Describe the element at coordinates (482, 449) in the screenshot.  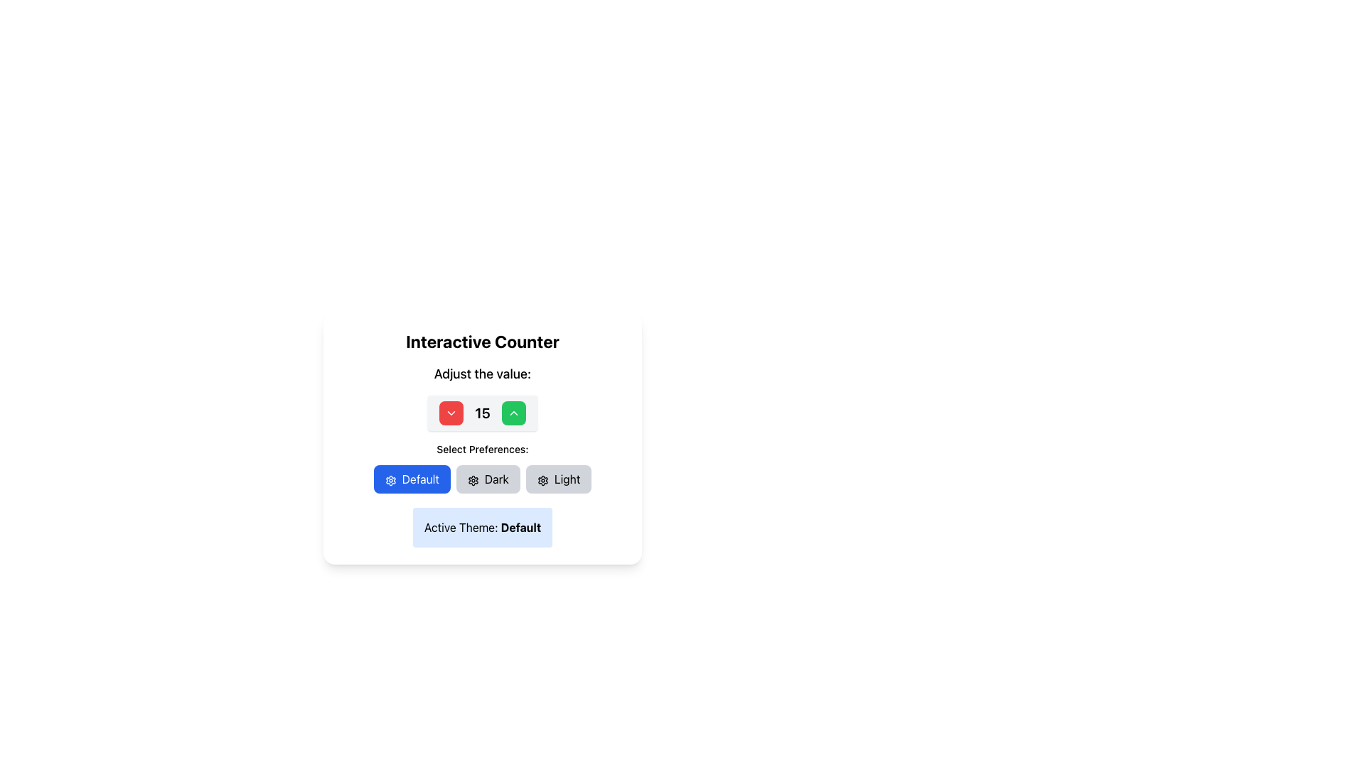
I see `the static text label that reads 'Select Preferences:', which is positioned between the numeric counter section and the theme selector buttons` at that location.